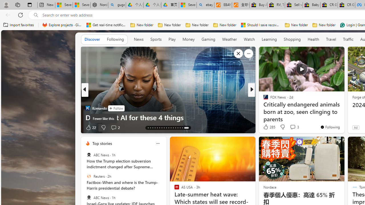 The image size is (365, 205). I want to click on 'Weather', so click(230, 39).